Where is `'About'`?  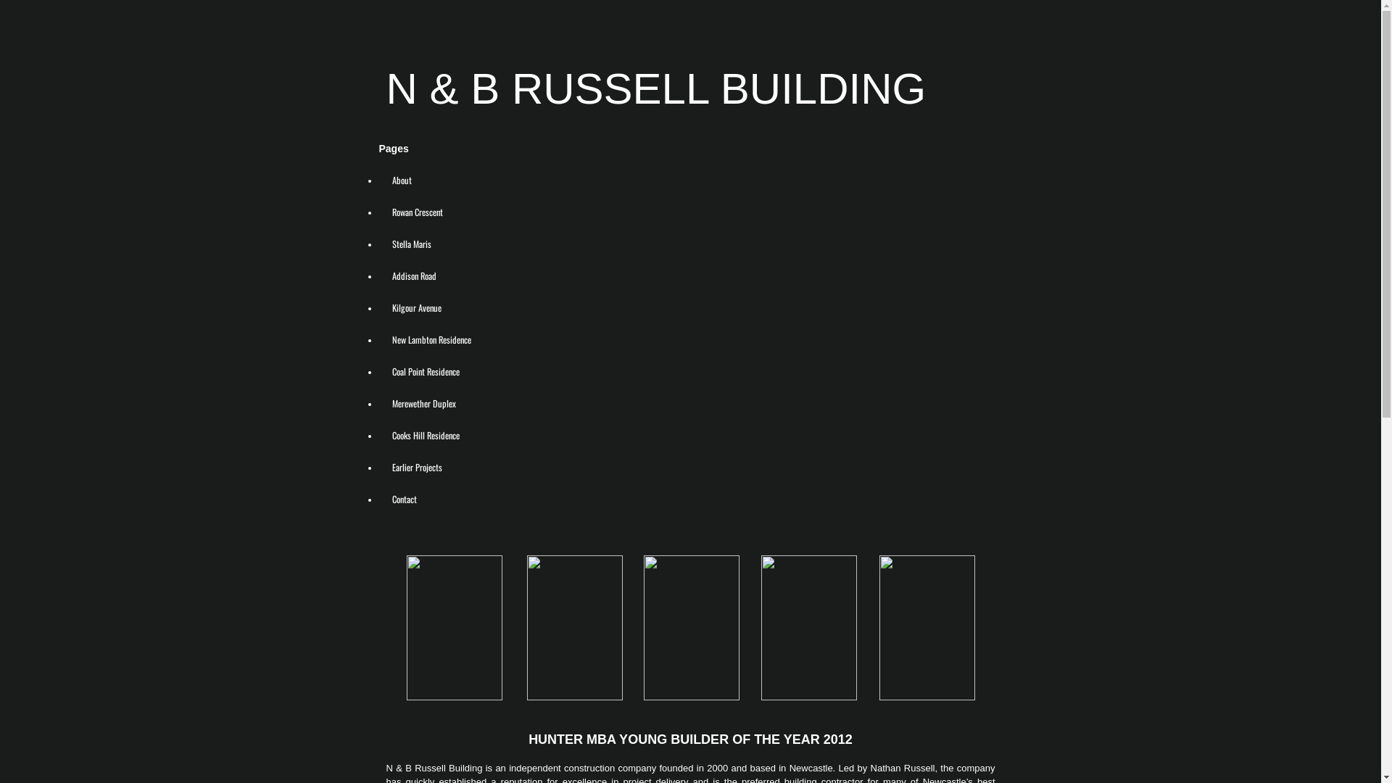 'About' is located at coordinates (378, 178).